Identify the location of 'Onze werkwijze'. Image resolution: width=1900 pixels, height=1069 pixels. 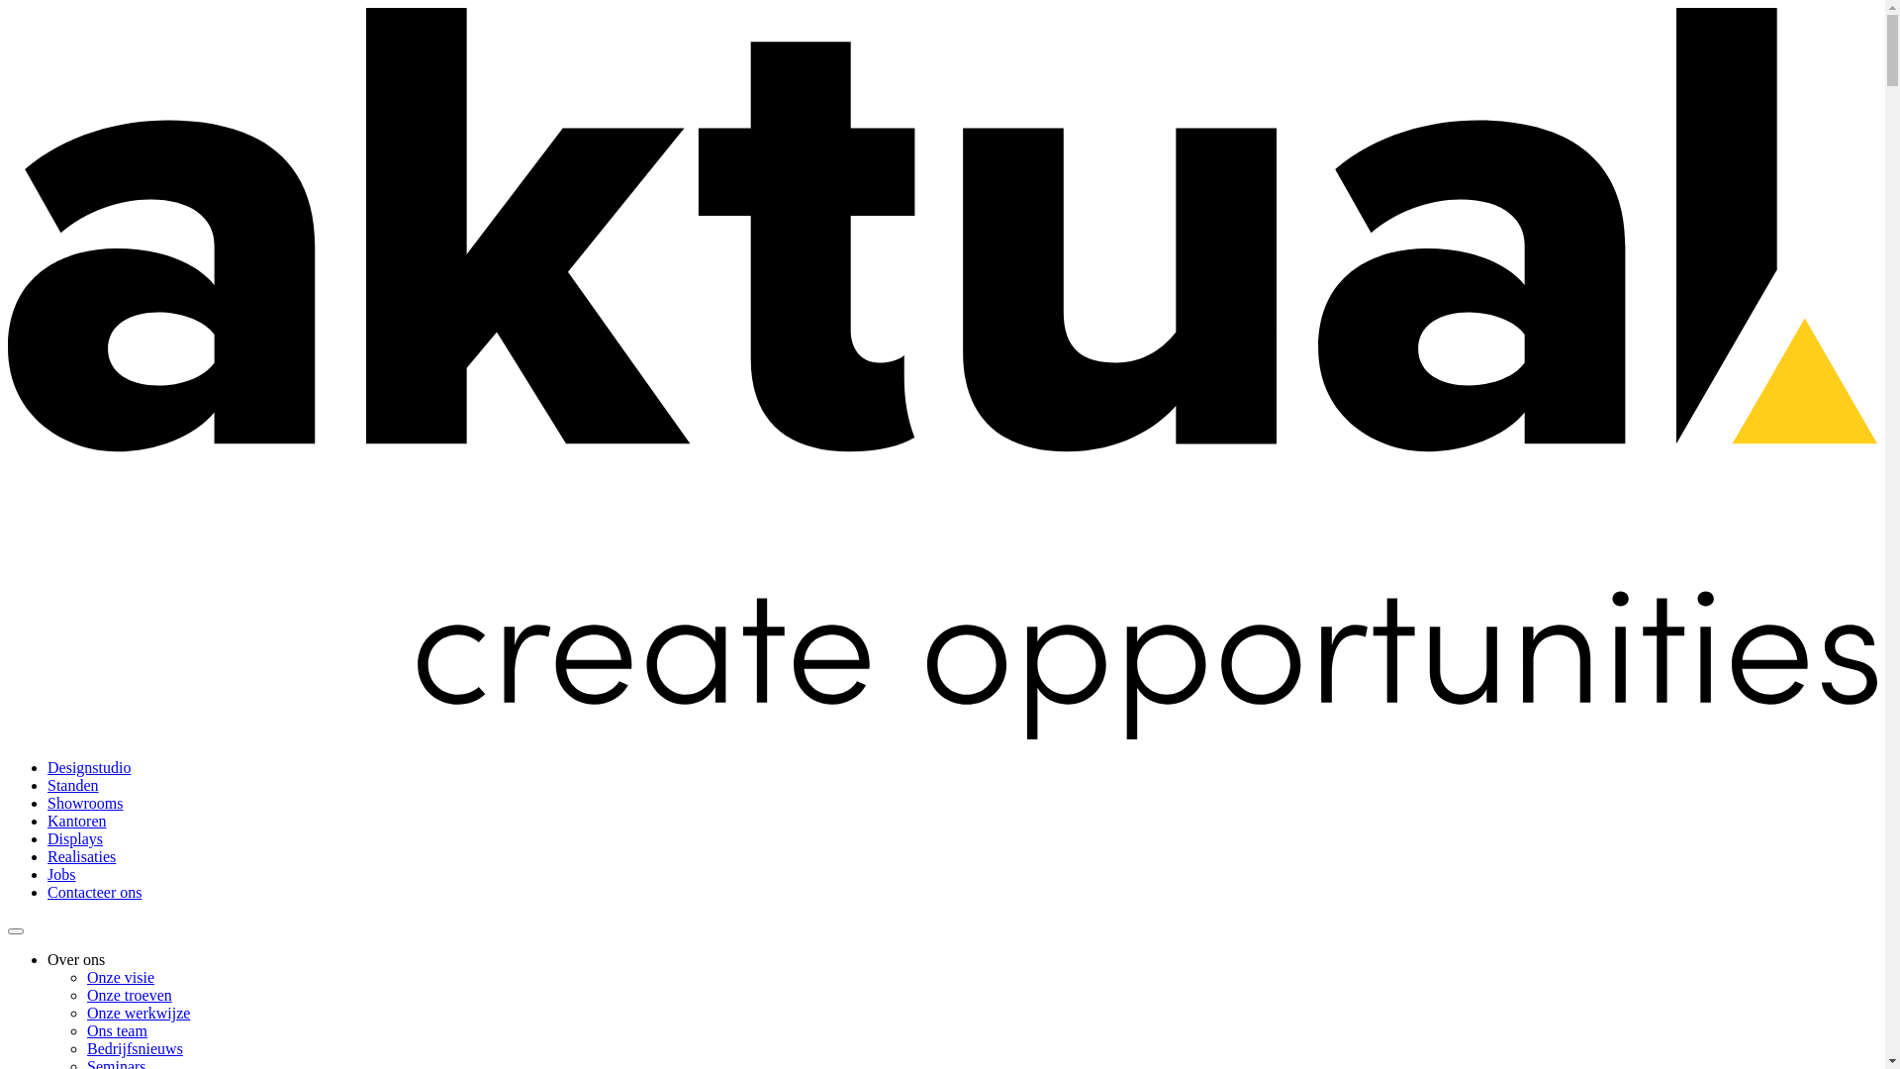
(137, 1013).